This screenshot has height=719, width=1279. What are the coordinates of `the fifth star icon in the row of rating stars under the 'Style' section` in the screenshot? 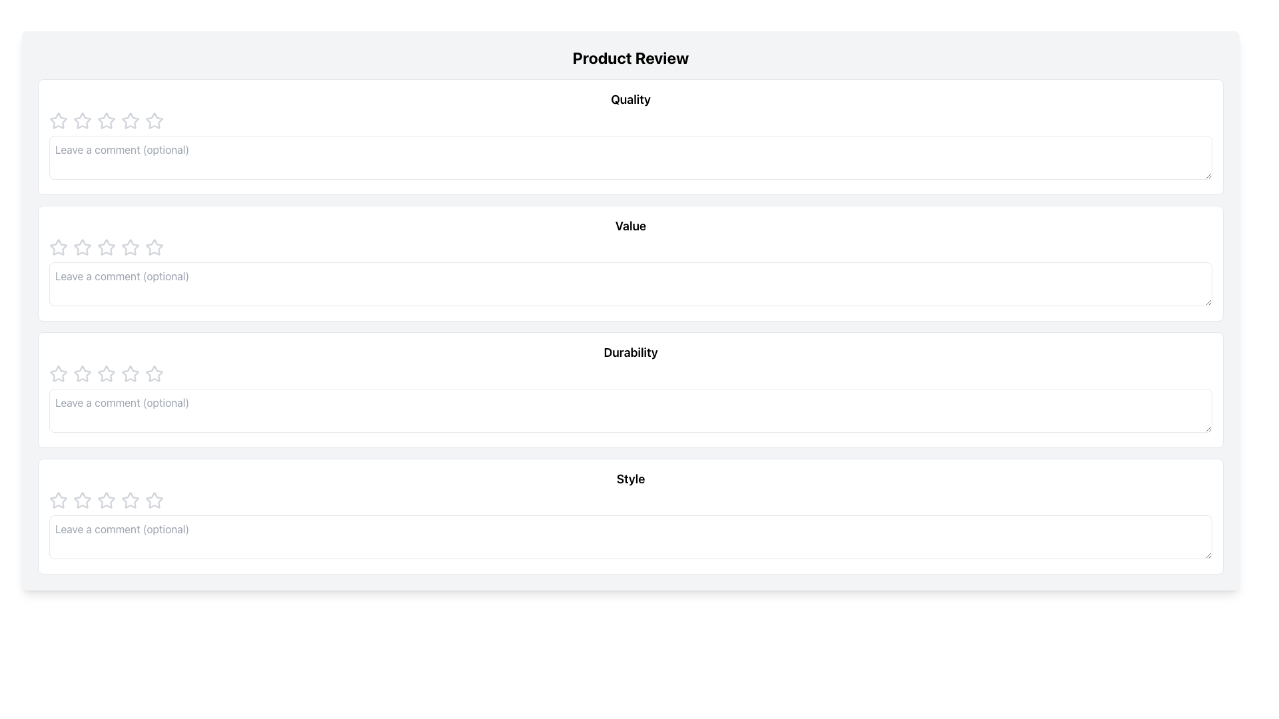 It's located at (131, 501).